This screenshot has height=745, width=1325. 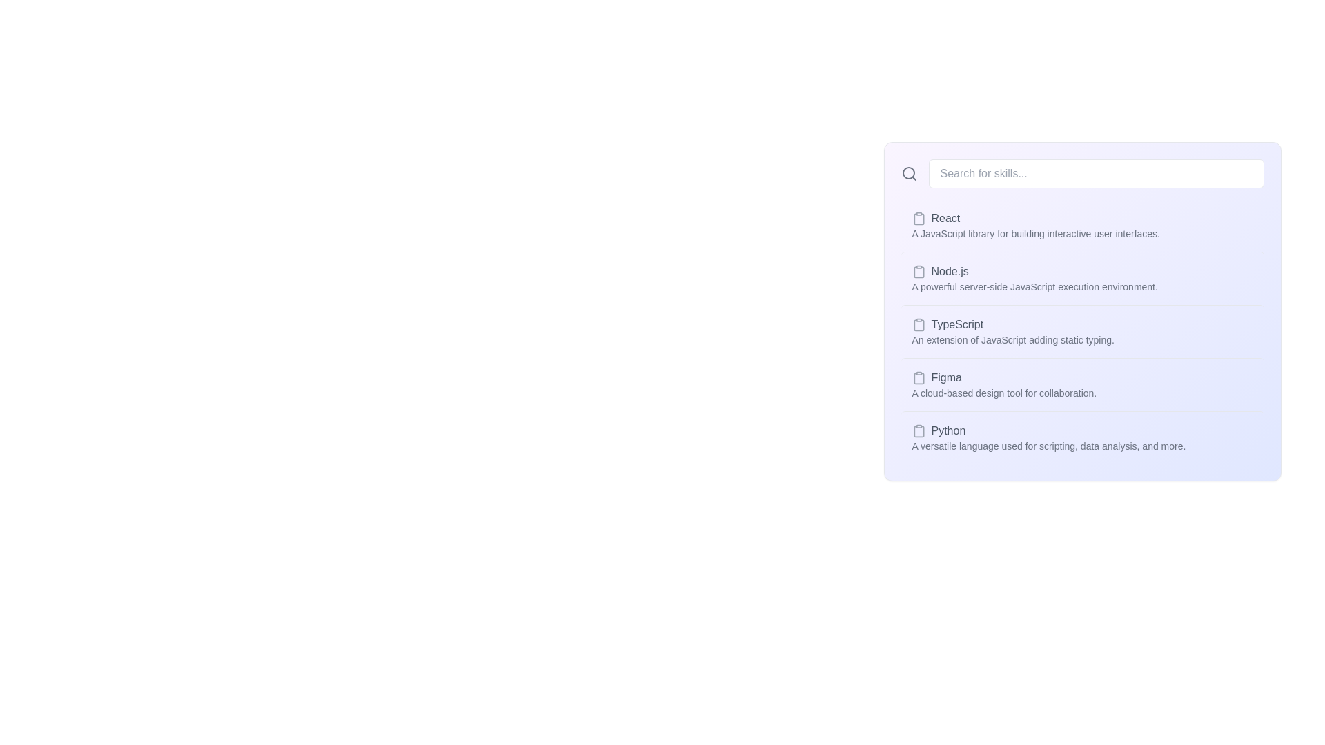 I want to click on the 'Node.js' text label, so click(x=949, y=271).